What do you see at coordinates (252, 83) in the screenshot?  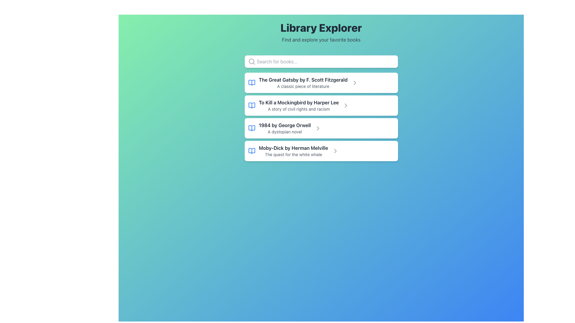 I see `the book icon representing 'The Great Gatsby by F. Scott Fitzgerald', which is the first graphical icon in the list item` at bounding box center [252, 83].